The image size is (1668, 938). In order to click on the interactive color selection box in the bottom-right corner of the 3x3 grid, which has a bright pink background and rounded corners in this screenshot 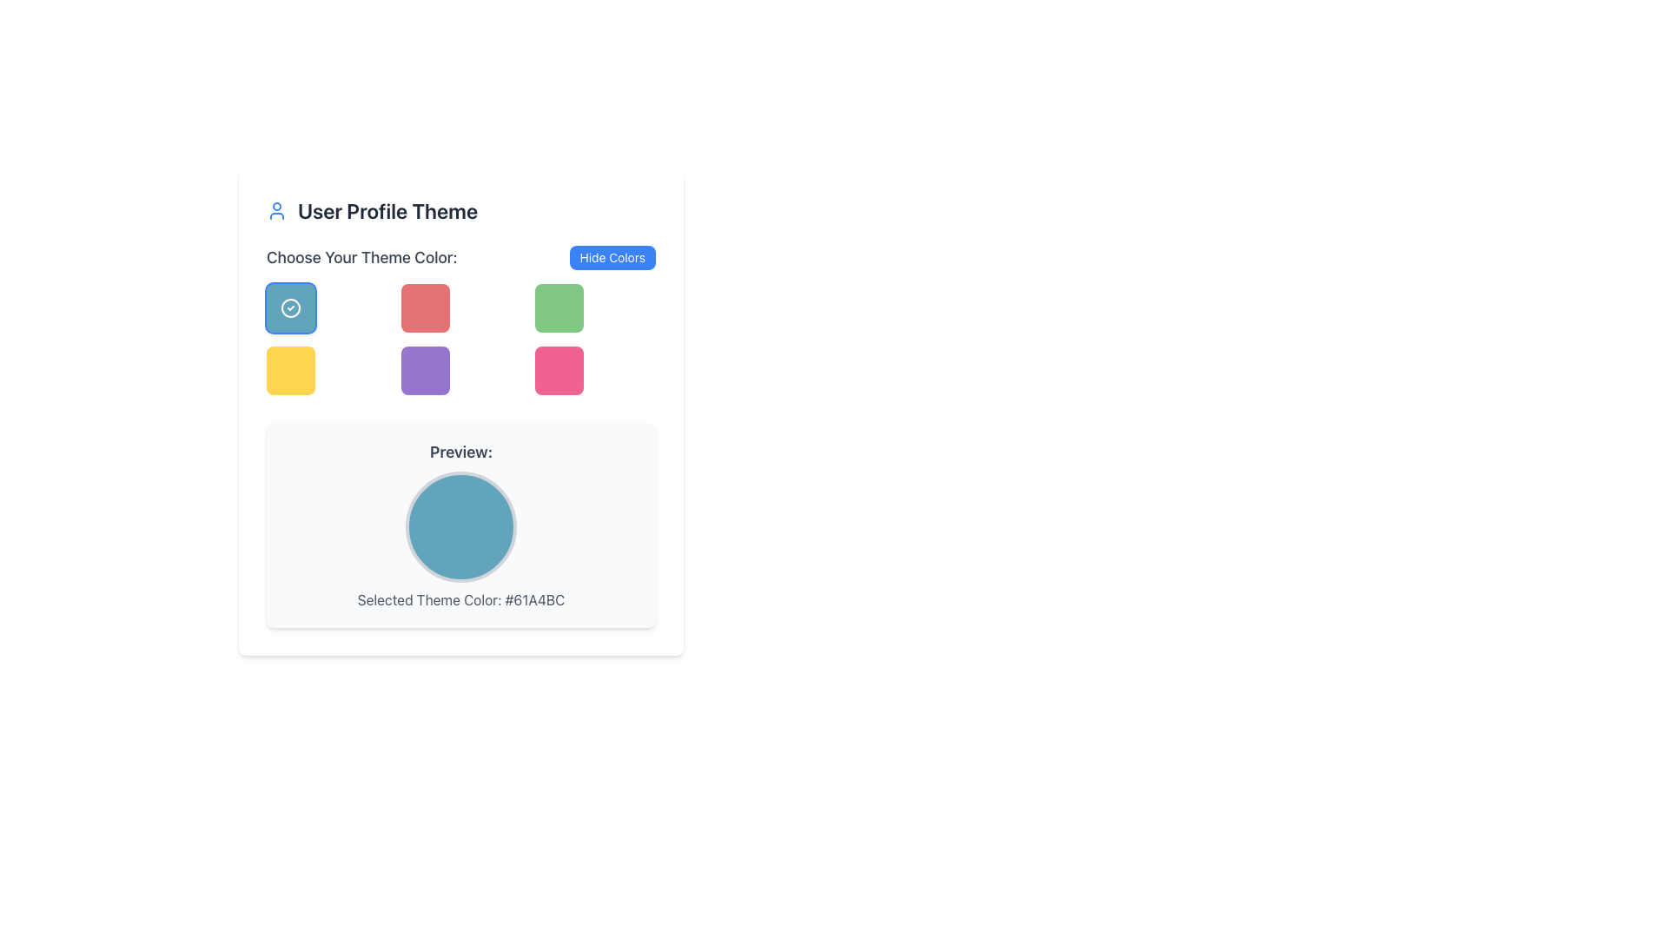, I will do `click(559, 370)`.